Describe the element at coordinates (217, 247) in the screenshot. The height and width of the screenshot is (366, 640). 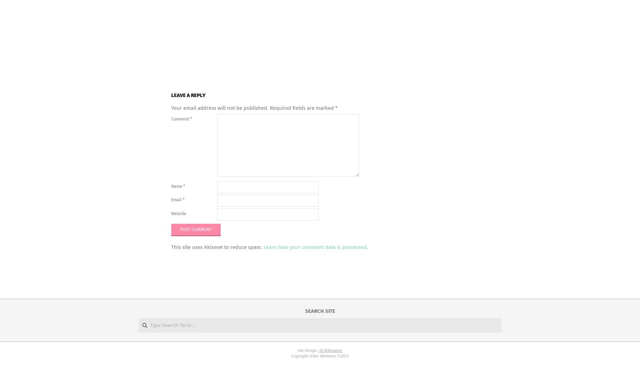
I see `'This site uses Akismet to reduce spam.'` at that location.